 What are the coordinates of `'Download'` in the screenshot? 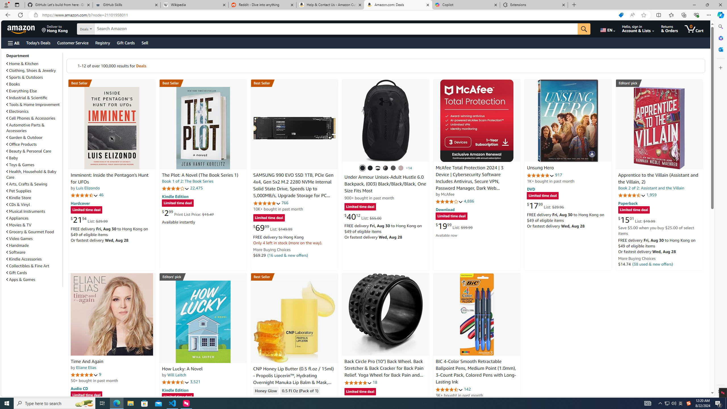 It's located at (444, 209).